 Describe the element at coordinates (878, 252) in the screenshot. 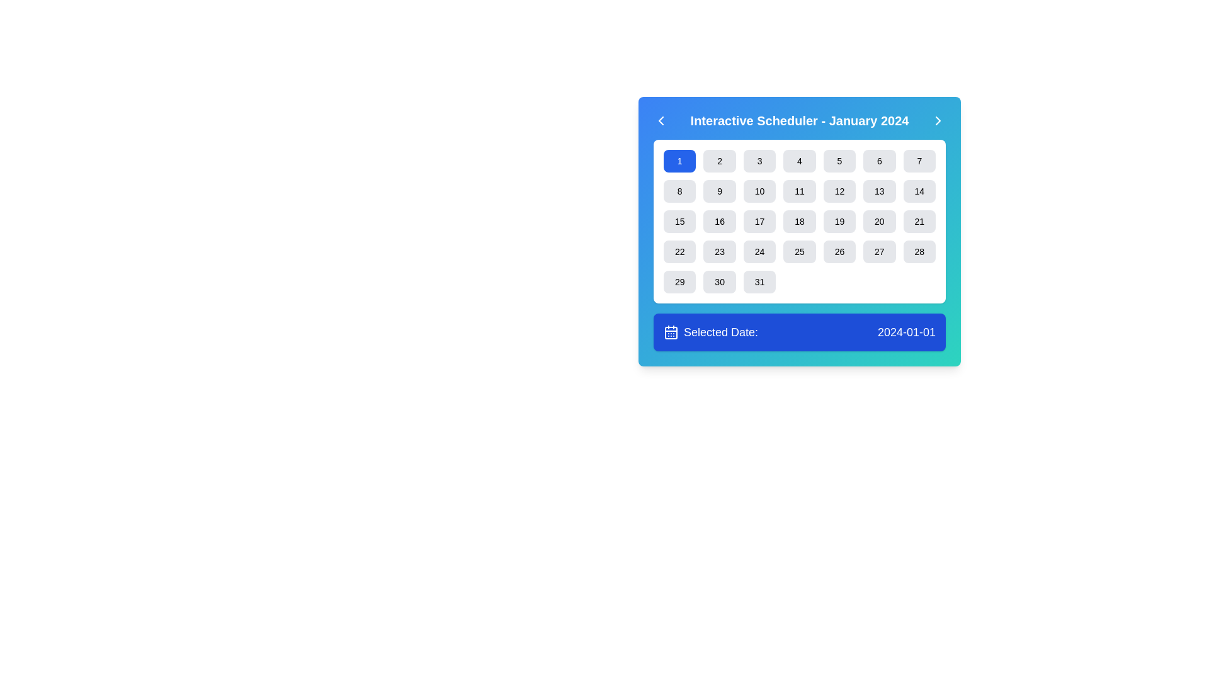

I see `the selectable date button labeled '27' in the calendar interface titled 'Interactive Scheduler - January 2024'` at that location.